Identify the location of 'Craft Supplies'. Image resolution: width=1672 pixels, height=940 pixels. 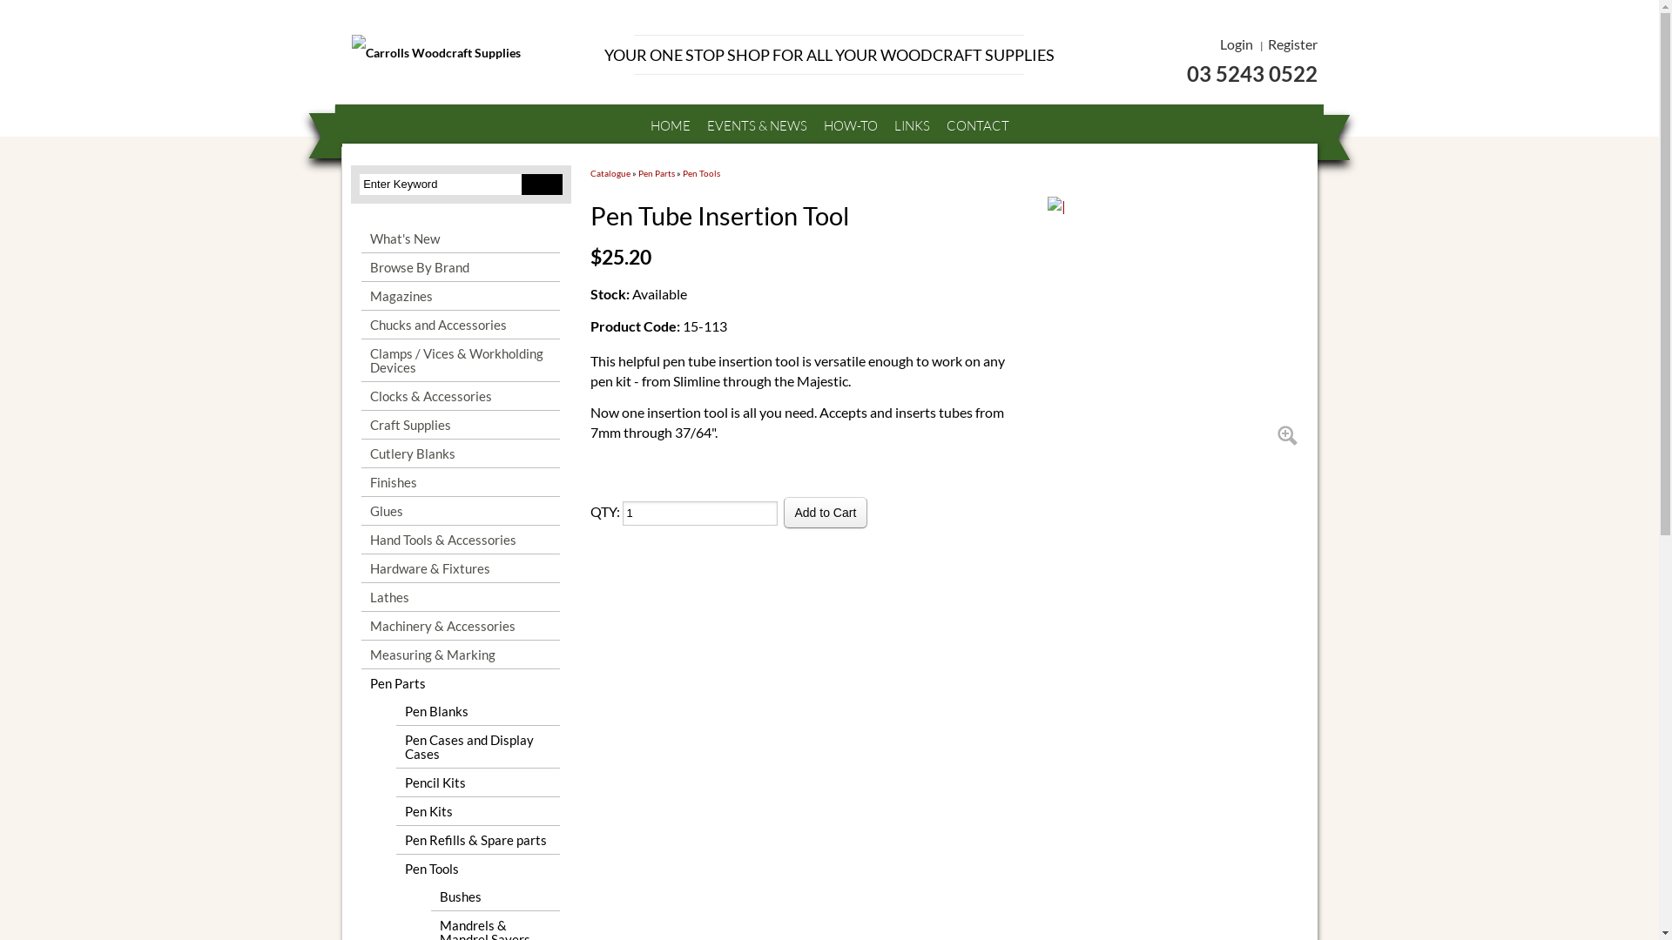
(460, 425).